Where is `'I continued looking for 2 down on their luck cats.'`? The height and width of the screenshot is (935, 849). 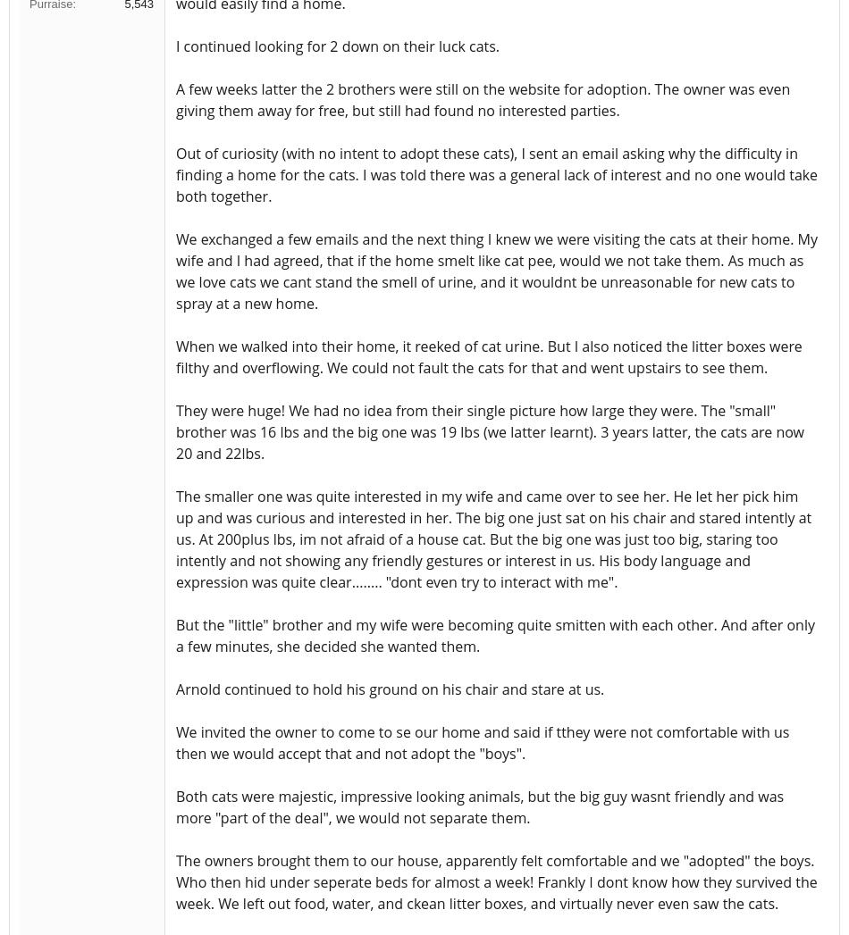
'I continued looking for 2 down on their luck cats.' is located at coordinates (176, 45).